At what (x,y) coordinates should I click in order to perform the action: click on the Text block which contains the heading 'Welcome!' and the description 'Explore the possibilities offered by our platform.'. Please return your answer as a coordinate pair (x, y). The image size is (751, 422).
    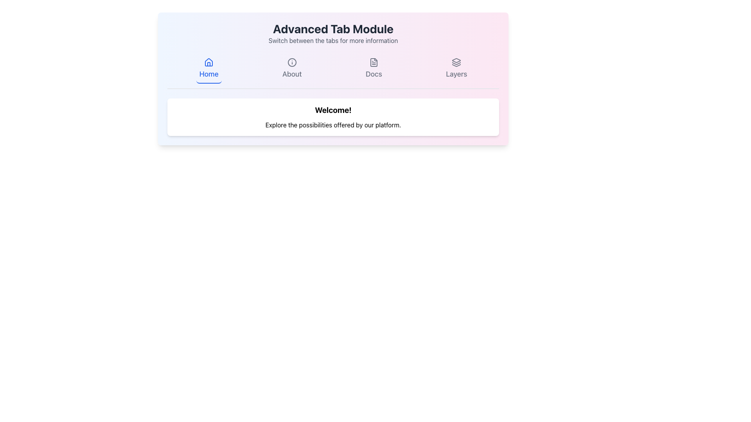
    Looking at the image, I should click on (333, 117).